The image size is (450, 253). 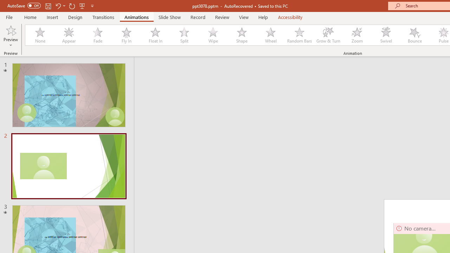 What do you see at coordinates (263, 17) in the screenshot?
I see `'Help'` at bounding box center [263, 17].